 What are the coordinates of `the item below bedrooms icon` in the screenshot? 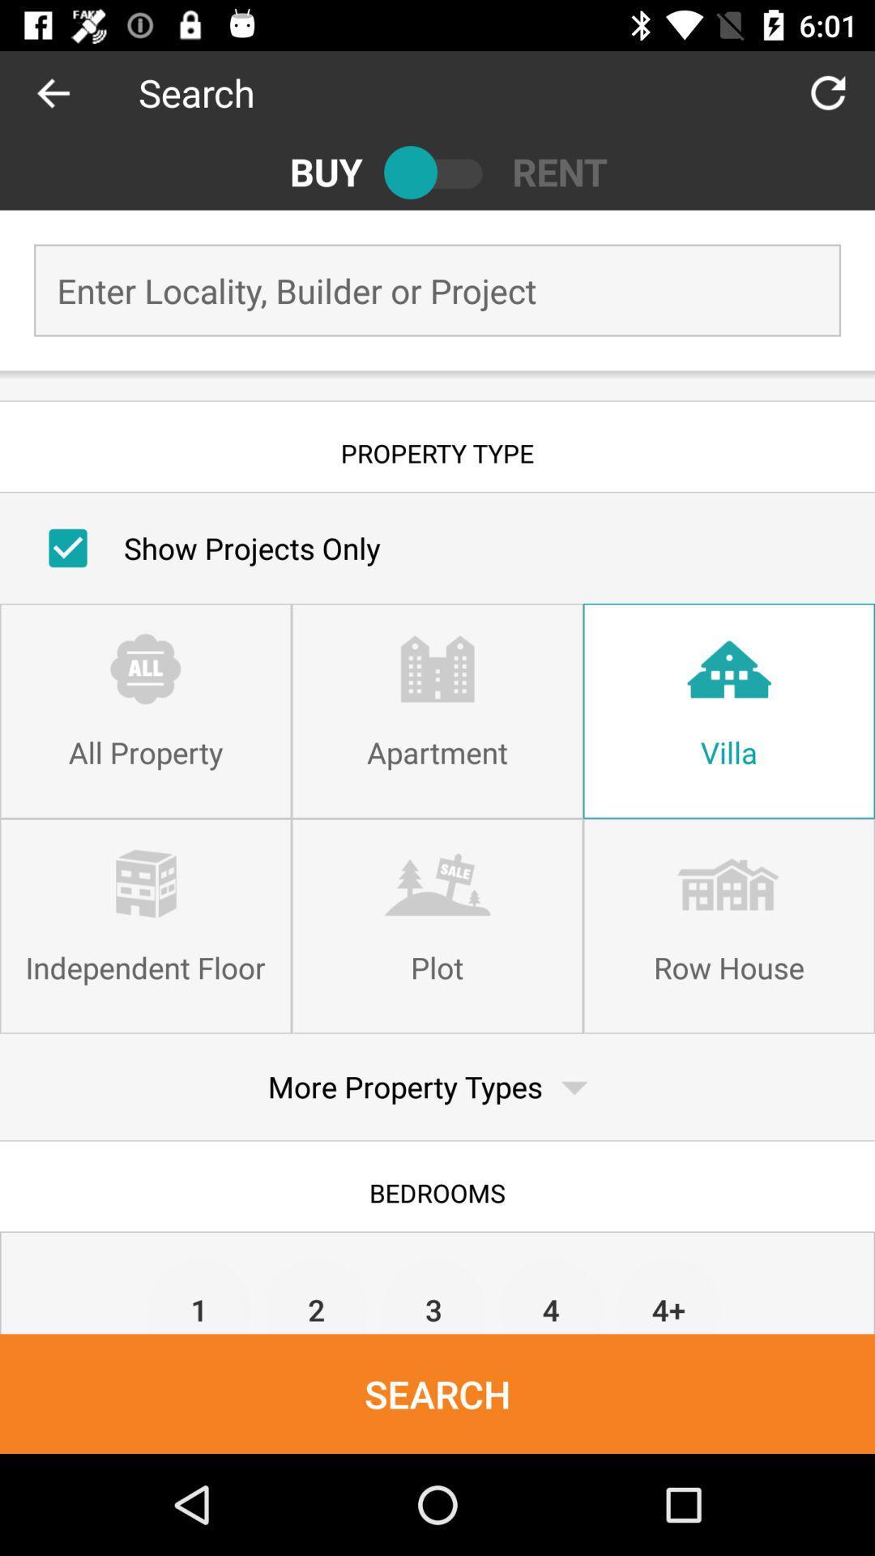 It's located at (317, 1294).